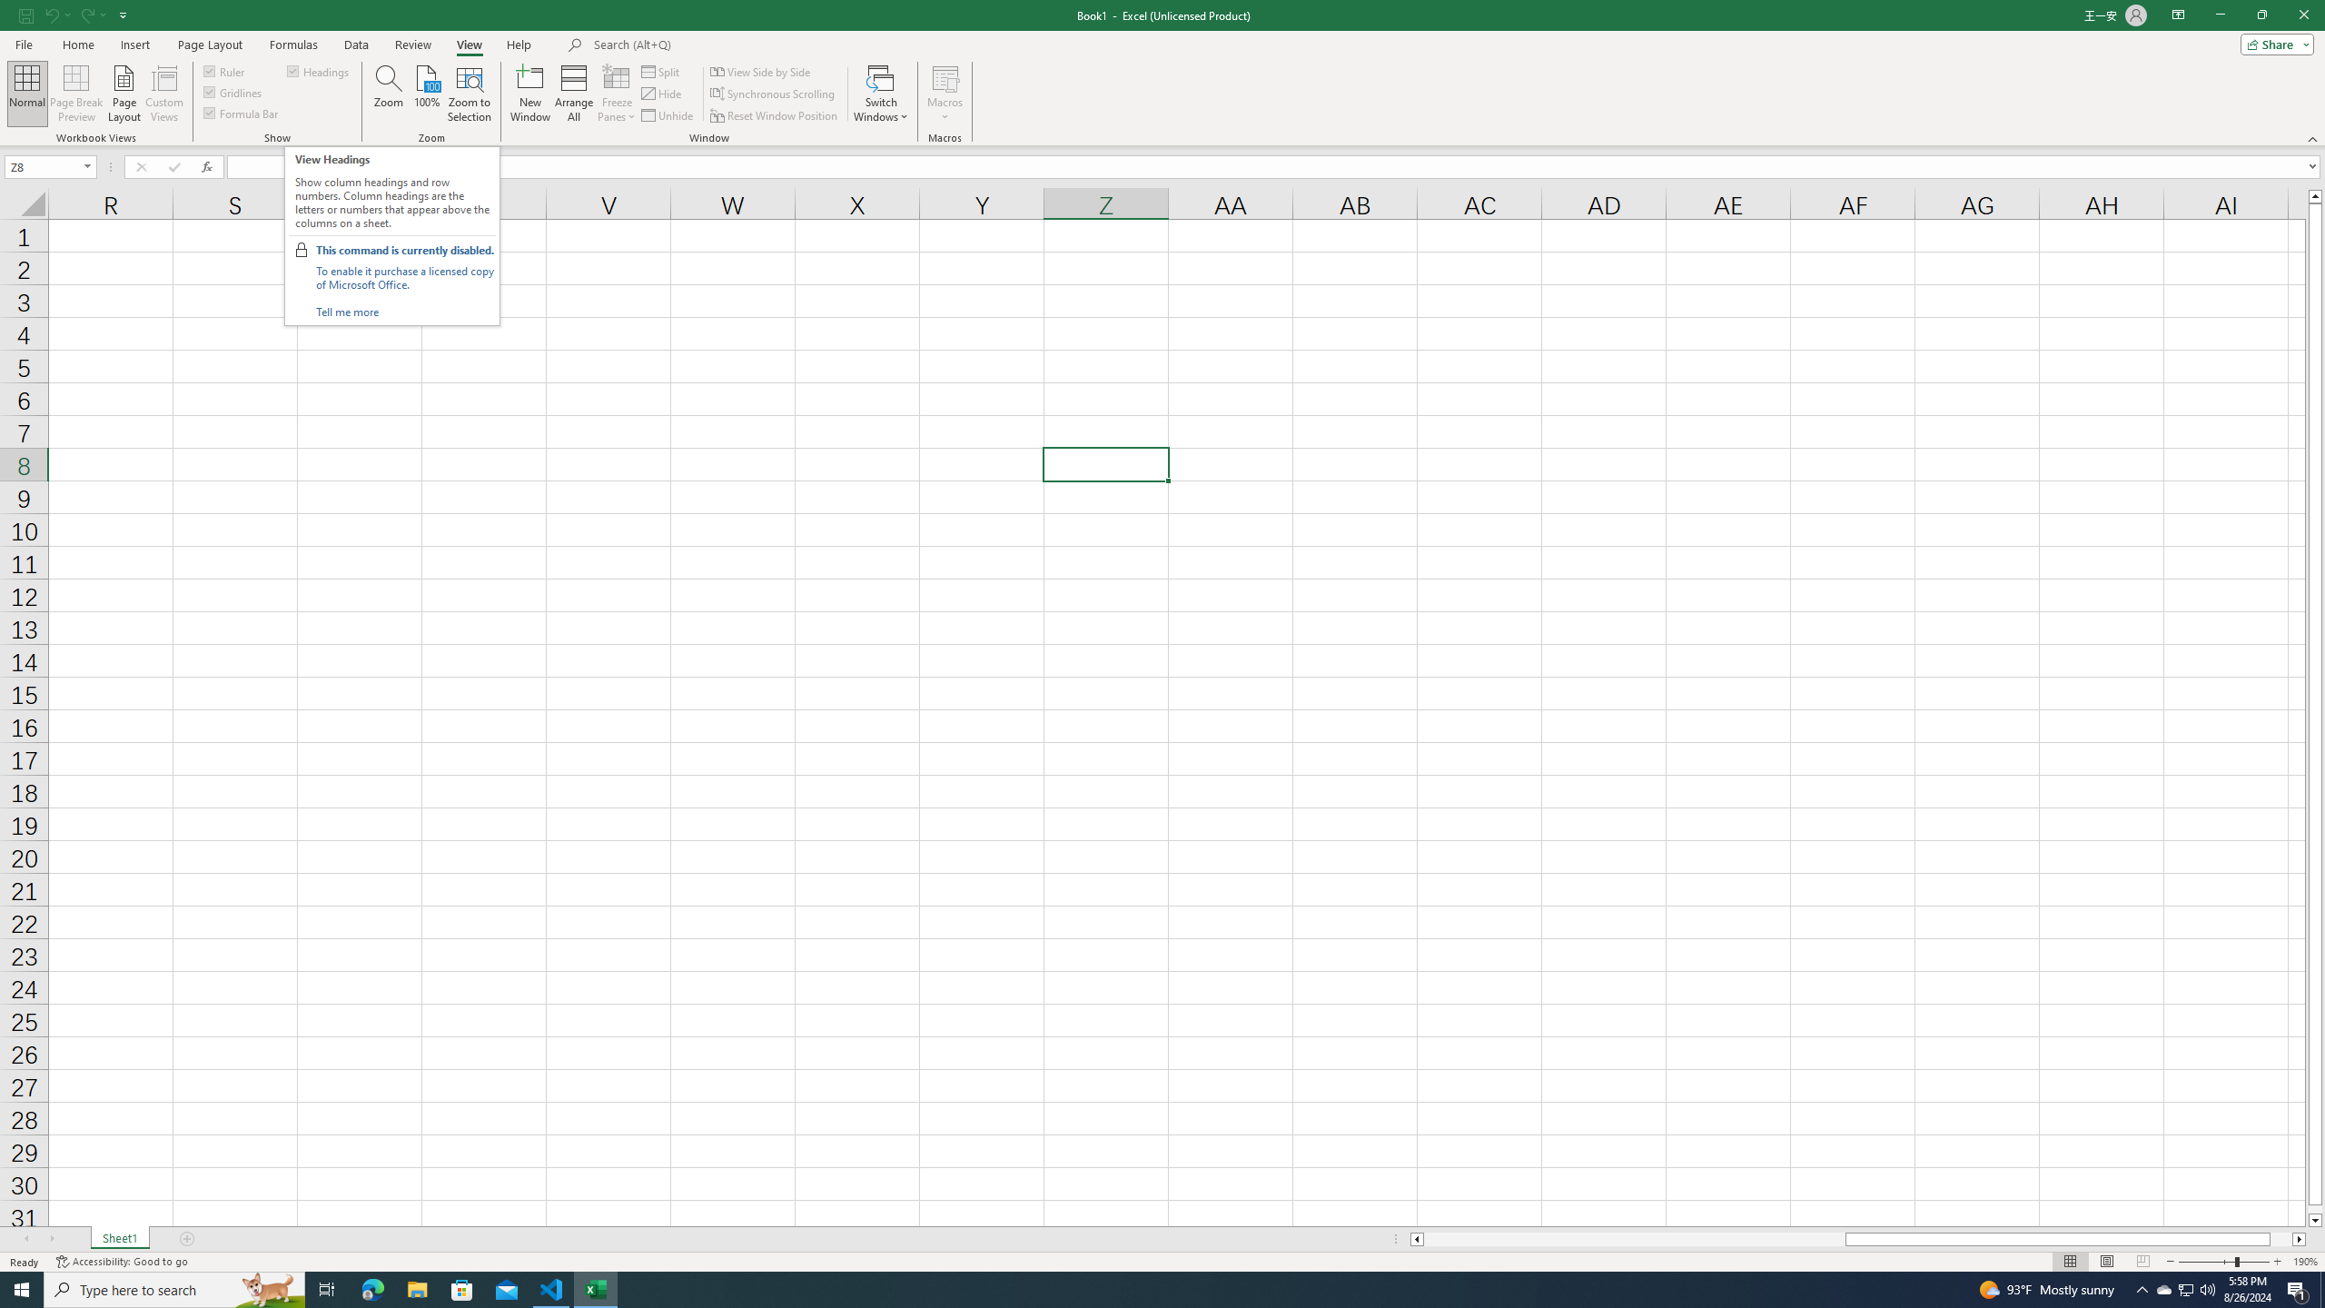  I want to click on 'New Window', so click(529, 94).